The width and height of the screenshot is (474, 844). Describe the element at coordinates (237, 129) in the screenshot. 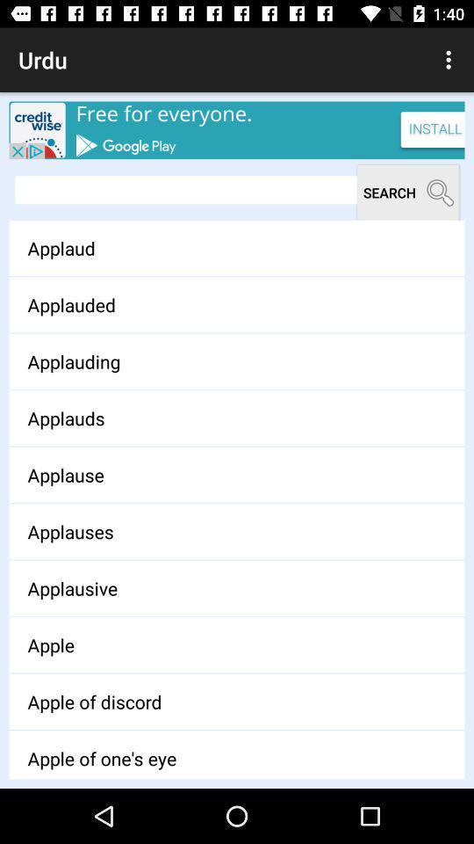

I see `open advertisement` at that location.